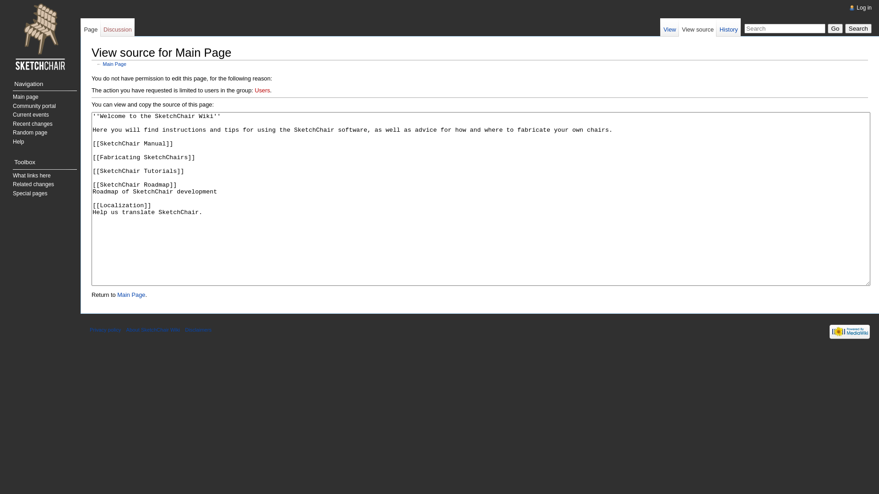 This screenshot has height=494, width=879. I want to click on 'Go', so click(835, 28).